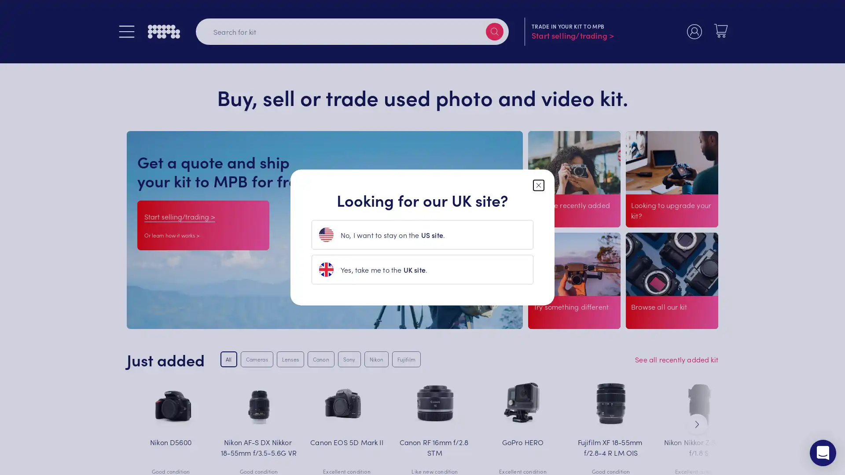  What do you see at coordinates (562, 228) in the screenshot?
I see `Recently added kit` at bounding box center [562, 228].